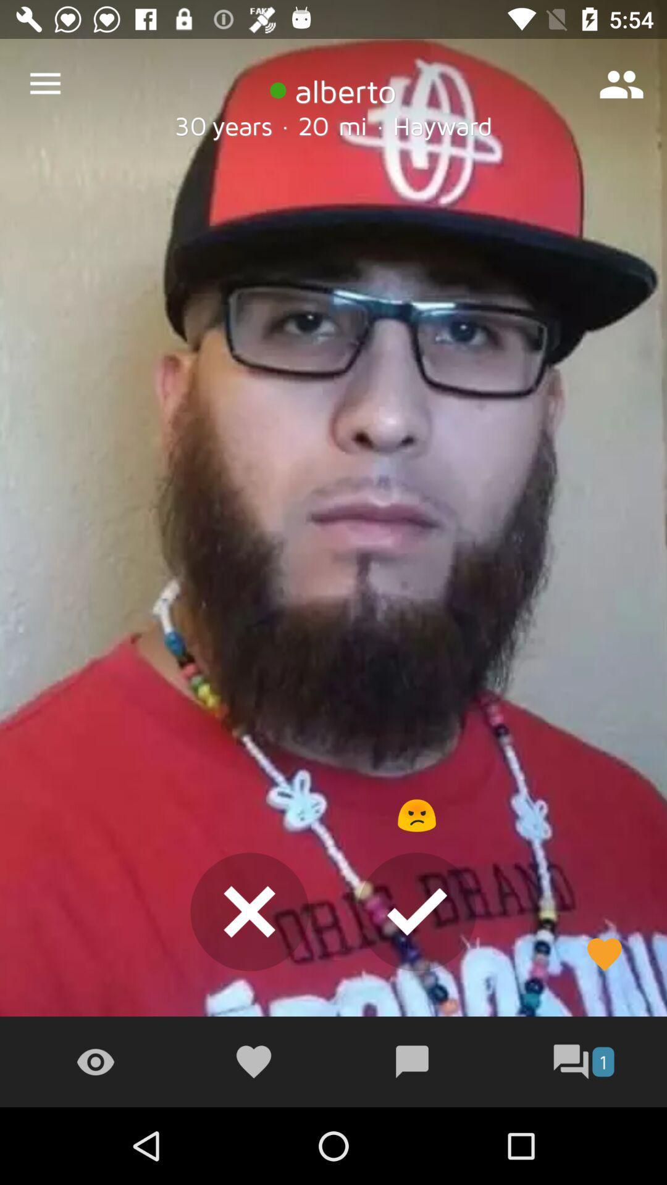 The height and width of the screenshot is (1185, 667). I want to click on the tick option at the bottom, so click(417, 912).